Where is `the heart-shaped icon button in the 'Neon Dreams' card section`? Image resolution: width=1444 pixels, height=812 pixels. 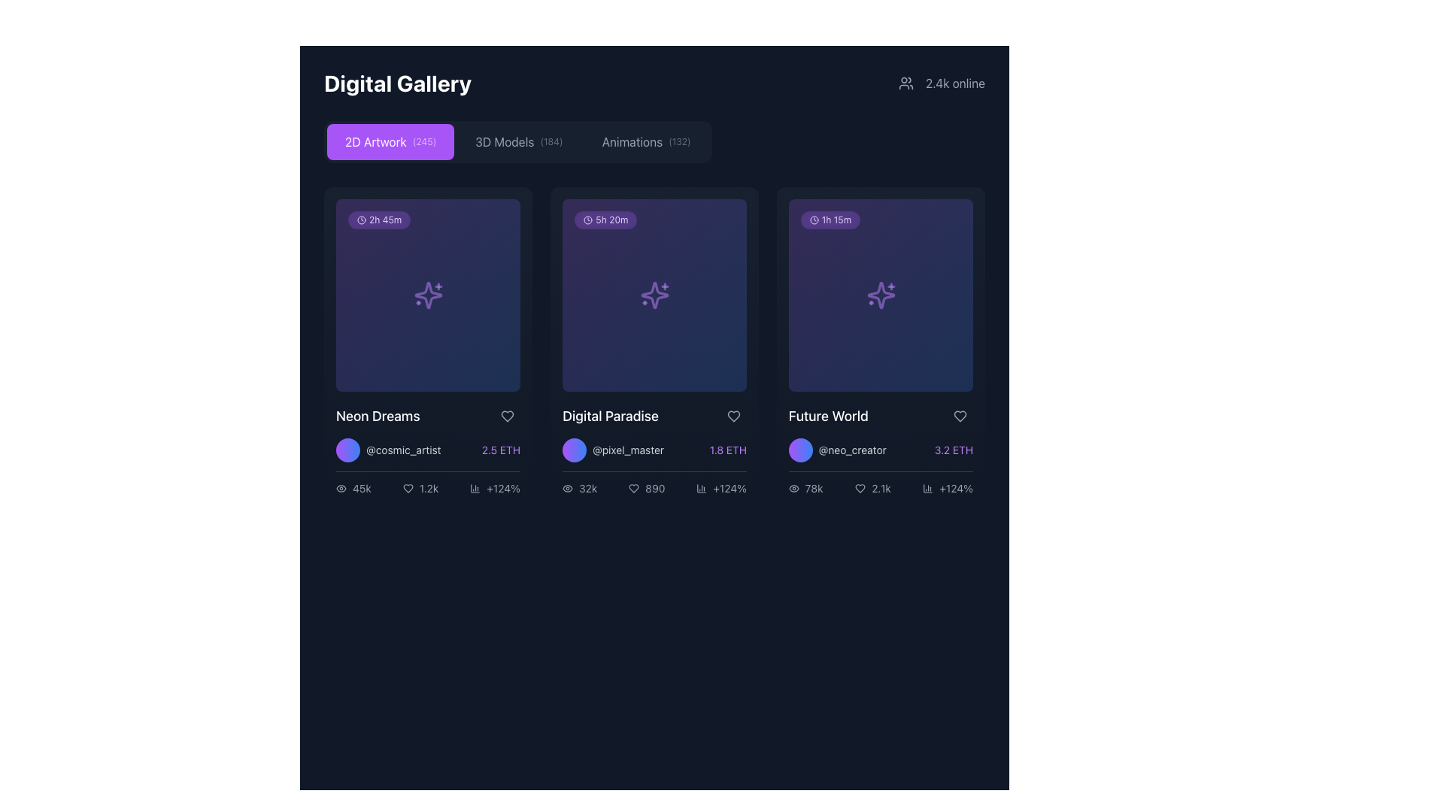
the heart-shaped icon button in the 'Neon Dreams' card section is located at coordinates (508, 417).